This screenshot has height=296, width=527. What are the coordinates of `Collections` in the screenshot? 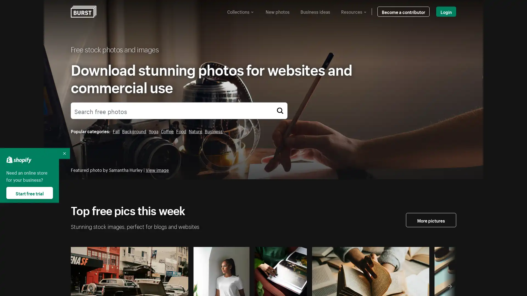 It's located at (240, 11).